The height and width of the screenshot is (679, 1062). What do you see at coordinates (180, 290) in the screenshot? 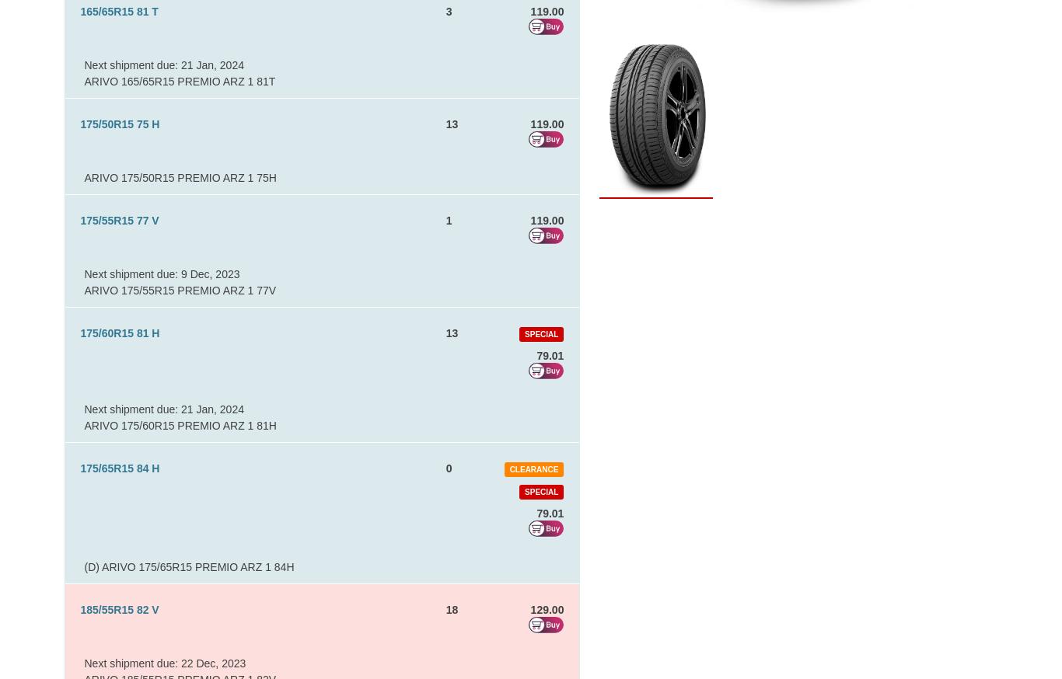
I see `'ARIVO 175/55R15 PREMIO ARZ 1 77V'` at bounding box center [180, 290].